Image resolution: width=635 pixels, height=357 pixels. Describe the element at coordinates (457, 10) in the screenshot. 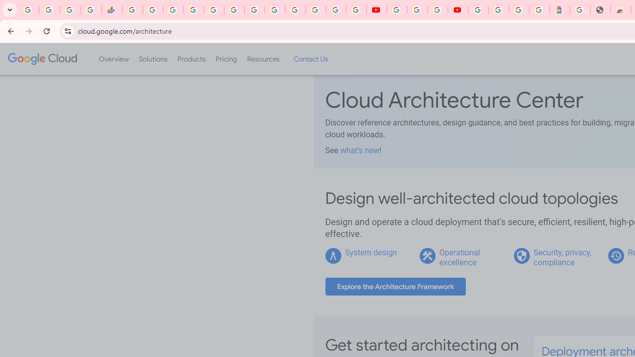

I see `'Content Creator Programs & Opportunities - YouTube Creators'` at that location.